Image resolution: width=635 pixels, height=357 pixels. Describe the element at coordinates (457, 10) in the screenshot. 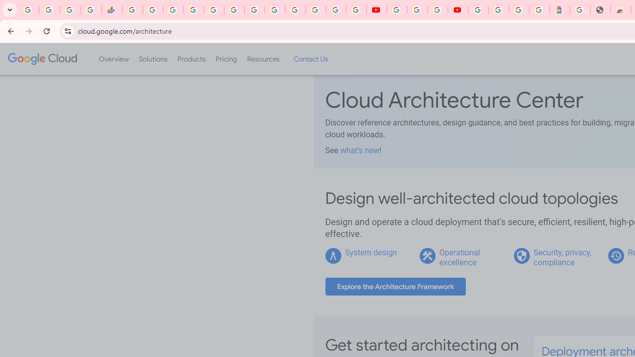

I see `'Content Creator Programs & Opportunities - YouTube Creators'` at that location.